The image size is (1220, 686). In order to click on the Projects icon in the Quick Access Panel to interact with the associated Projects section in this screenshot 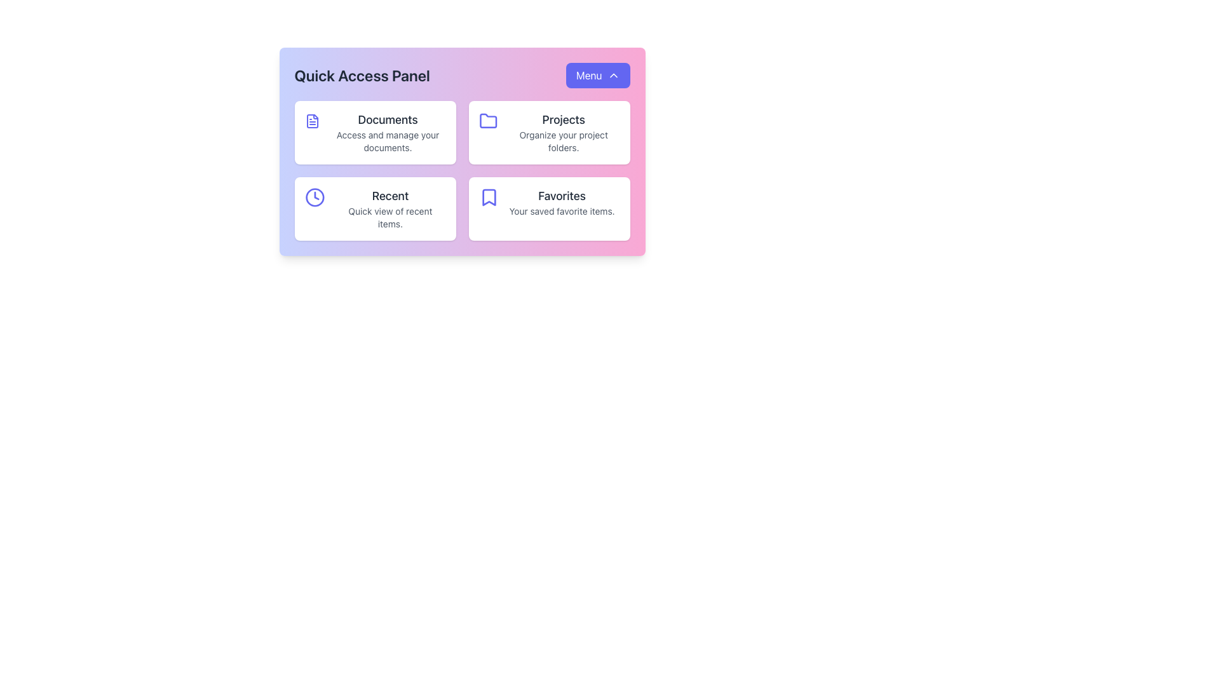, I will do `click(487, 120)`.